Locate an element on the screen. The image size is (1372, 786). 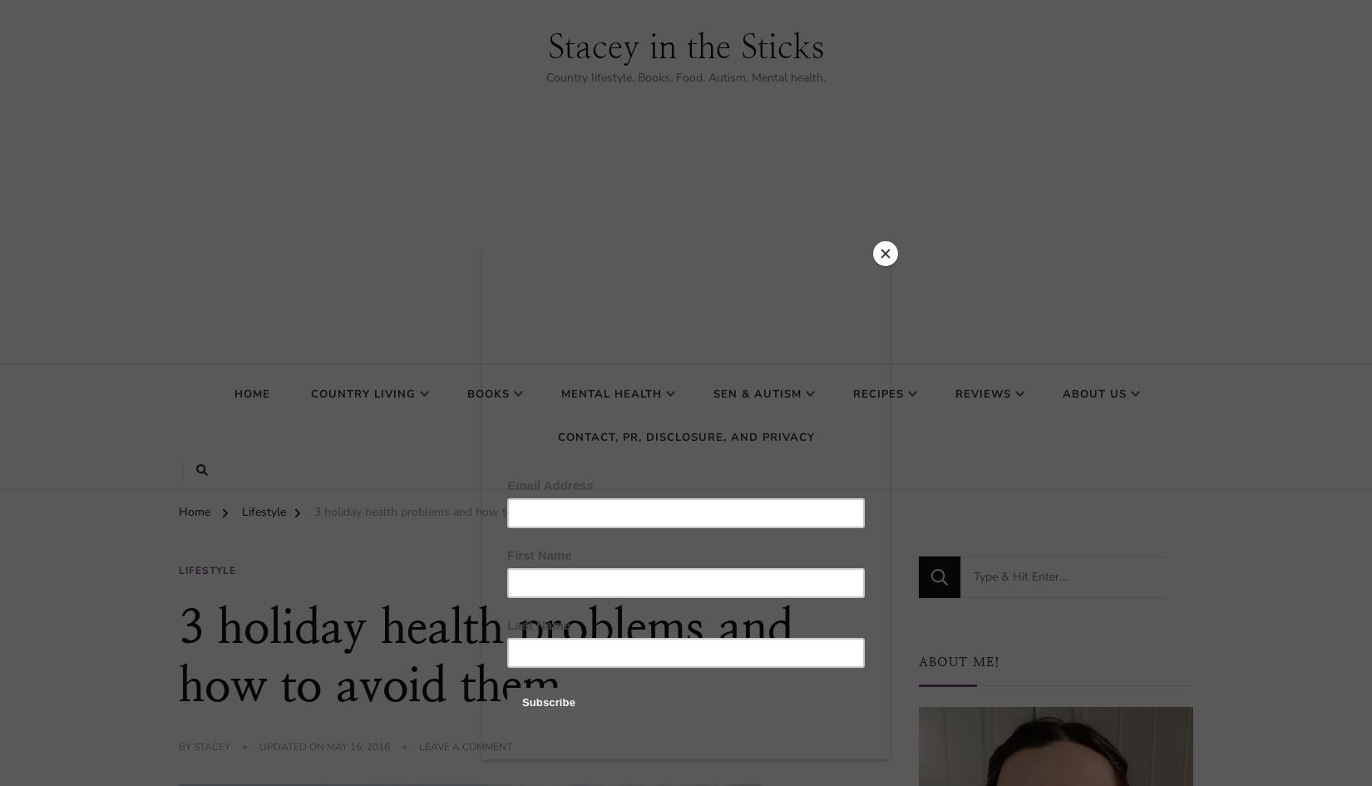
'Mental Health' is located at coordinates (560, 393).